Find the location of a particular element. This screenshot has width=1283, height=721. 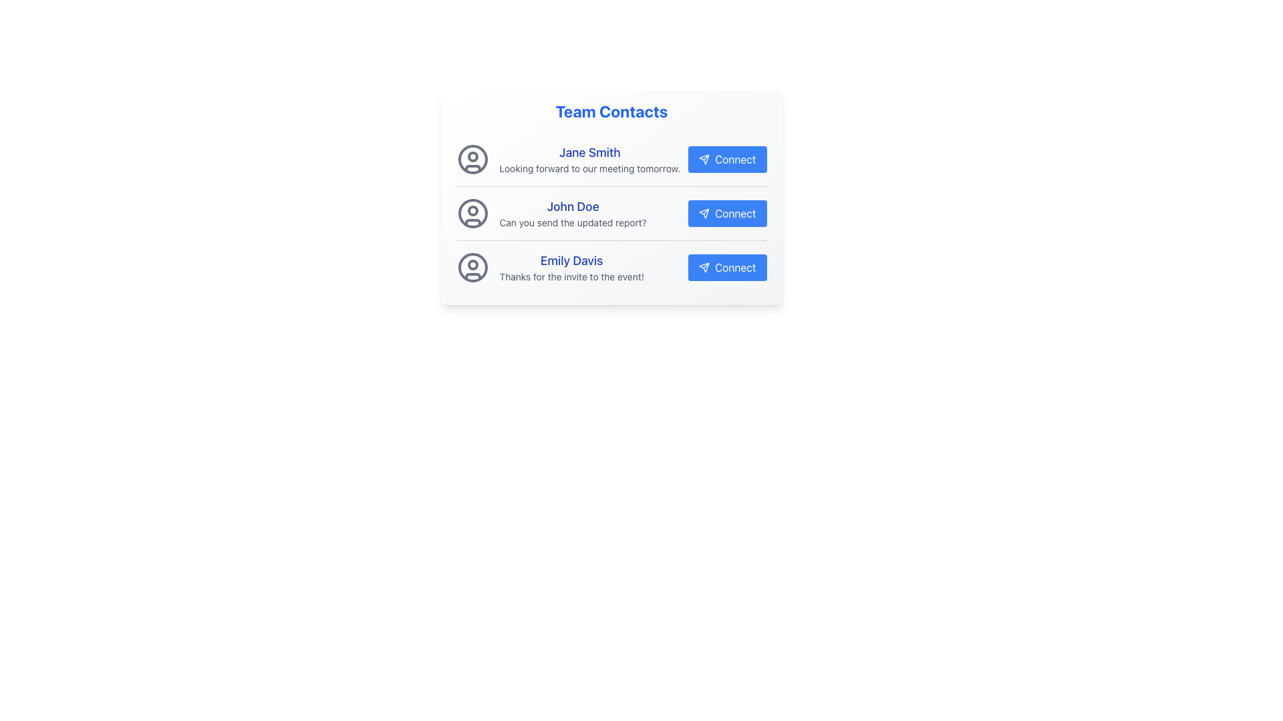

the user silhouette icon in the second row of the 'Team Contacts' list, positioned to the left of 'John Doe' is located at coordinates (472, 213).